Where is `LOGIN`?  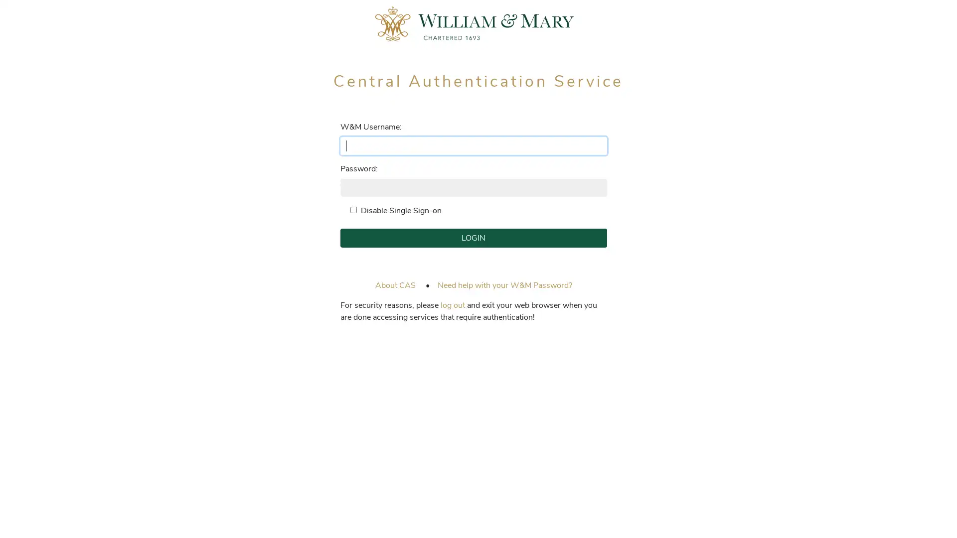
LOGIN is located at coordinates (473, 238).